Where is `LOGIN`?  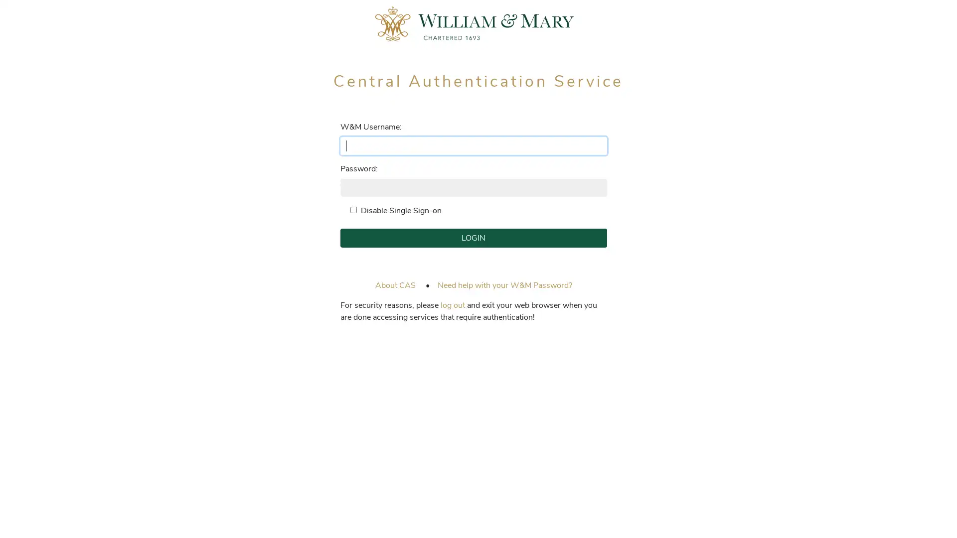
LOGIN is located at coordinates (473, 238).